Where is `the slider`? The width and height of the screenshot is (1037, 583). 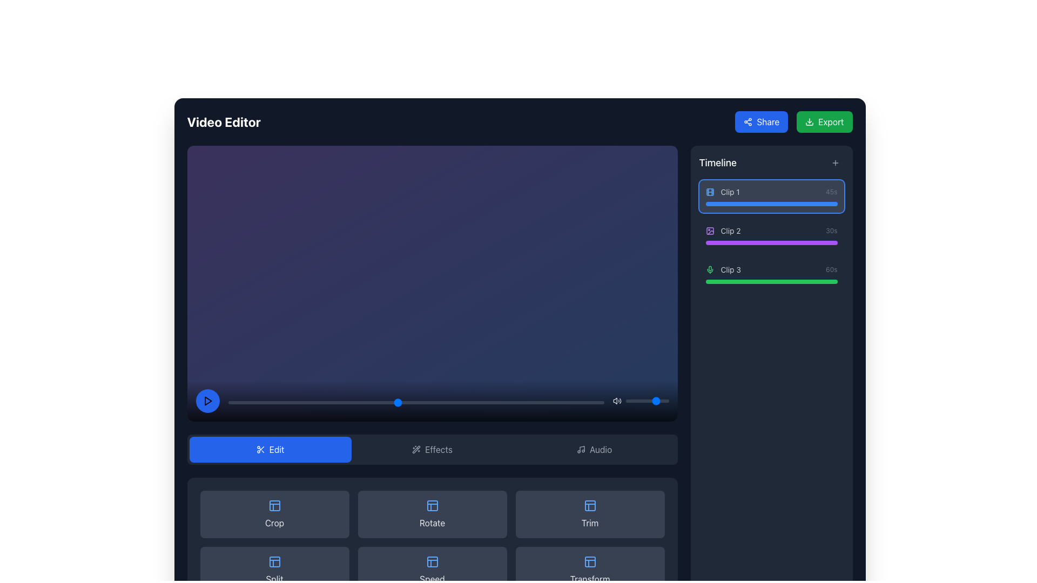
the slider is located at coordinates (633, 401).